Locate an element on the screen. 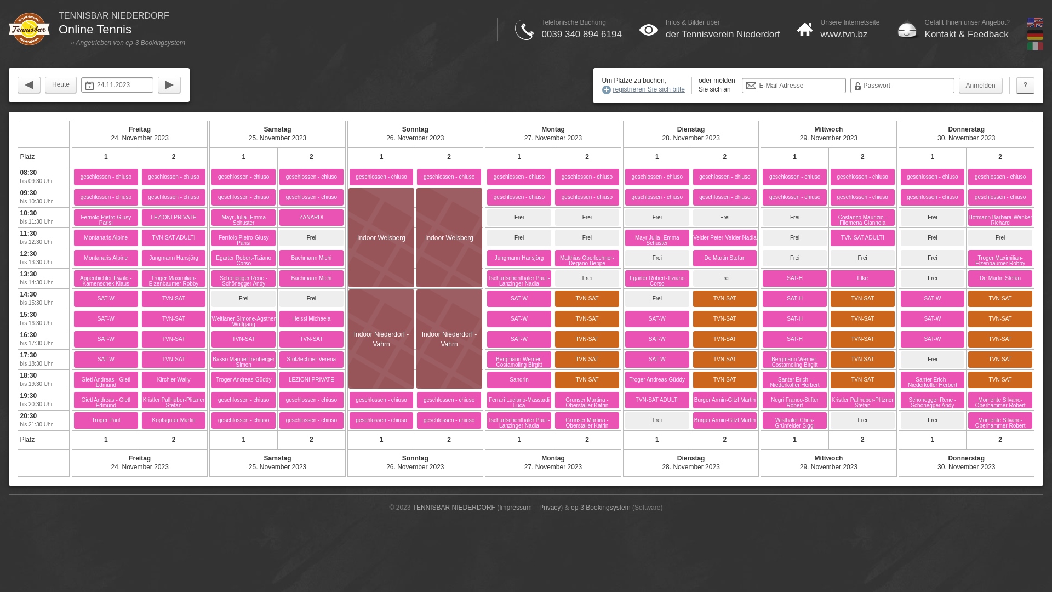  'Heute' is located at coordinates (60, 84).